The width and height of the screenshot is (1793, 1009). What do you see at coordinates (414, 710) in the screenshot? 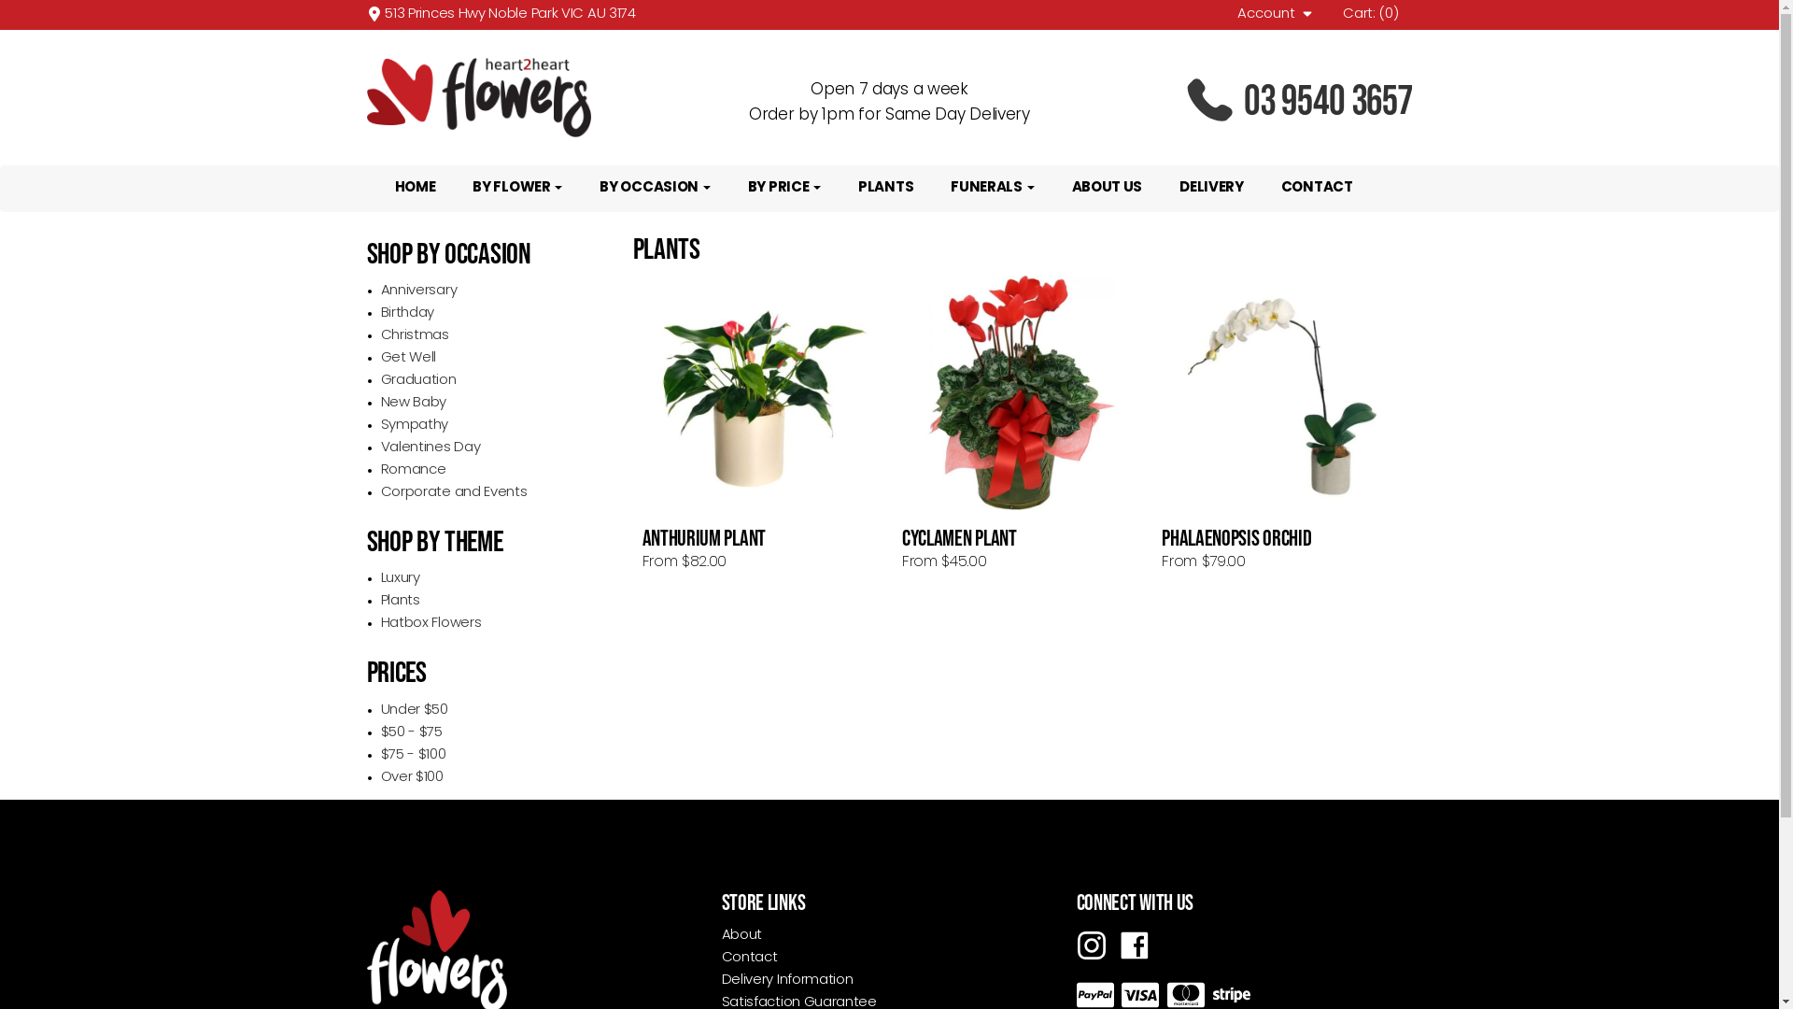
I see `'Under $50'` at bounding box center [414, 710].